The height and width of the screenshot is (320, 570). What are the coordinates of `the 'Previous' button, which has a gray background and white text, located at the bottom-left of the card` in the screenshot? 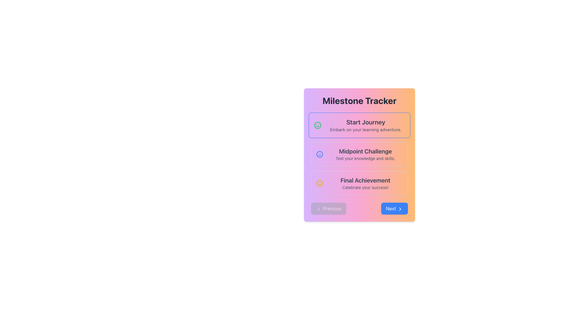 It's located at (328, 208).